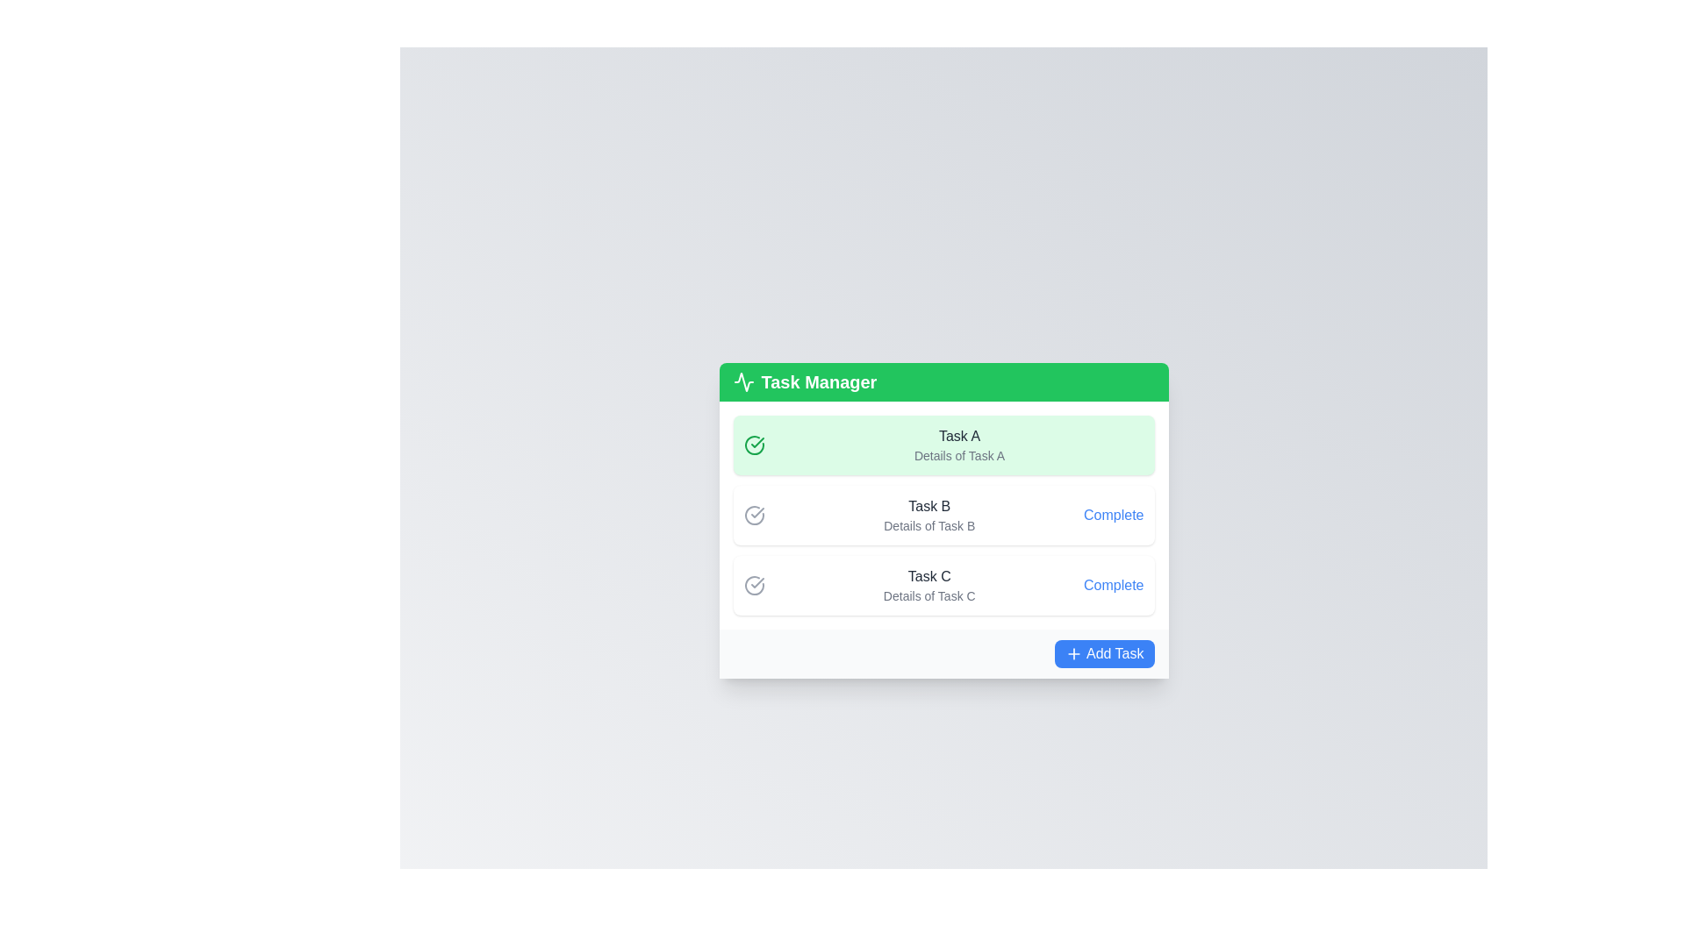  What do you see at coordinates (929, 577) in the screenshot?
I see `the Text label indicating 'Task C' in the task management interface, which is positioned above the 'Details of Task C' description` at bounding box center [929, 577].